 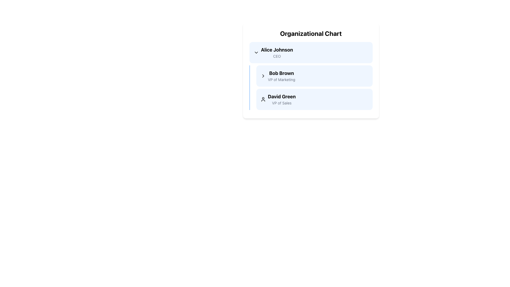 What do you see at coordinates (314, 76) in the screenshot?
I see `the hierarchical node representing the individual in the organizational chart` at bounding box center [314, 76].